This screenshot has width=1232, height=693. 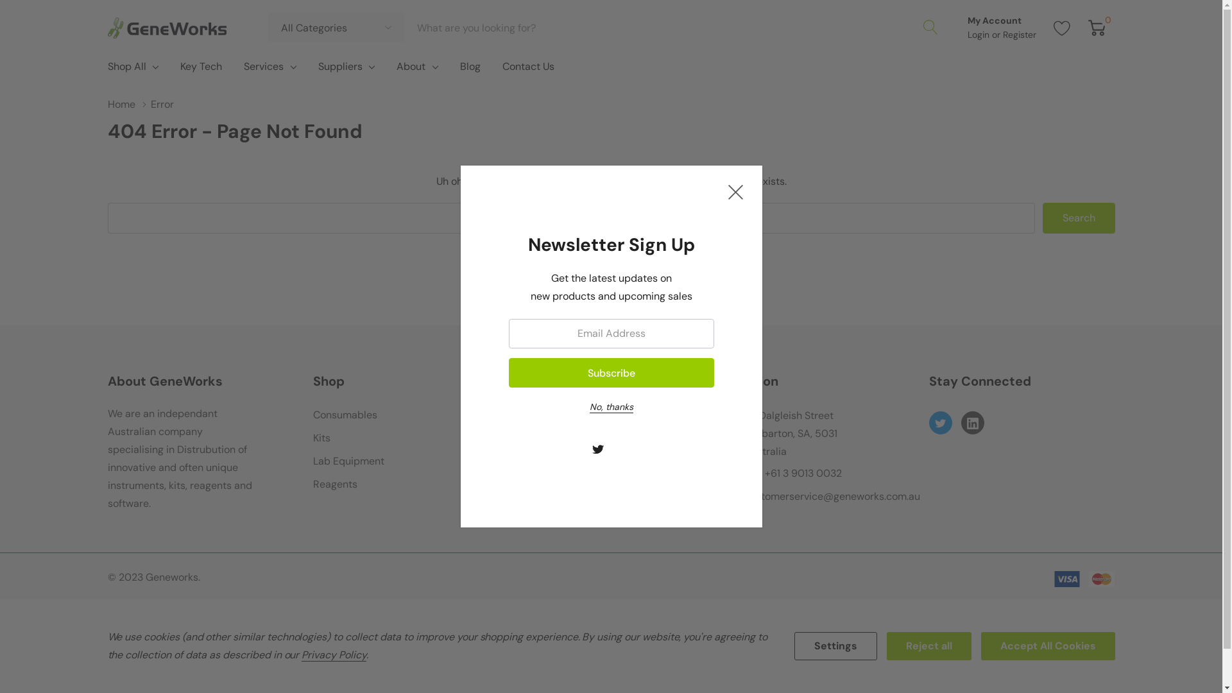 What do you see at coordinates (411, 67) in the screenshot?
I see `'About'` at bounding box center [411, 67].